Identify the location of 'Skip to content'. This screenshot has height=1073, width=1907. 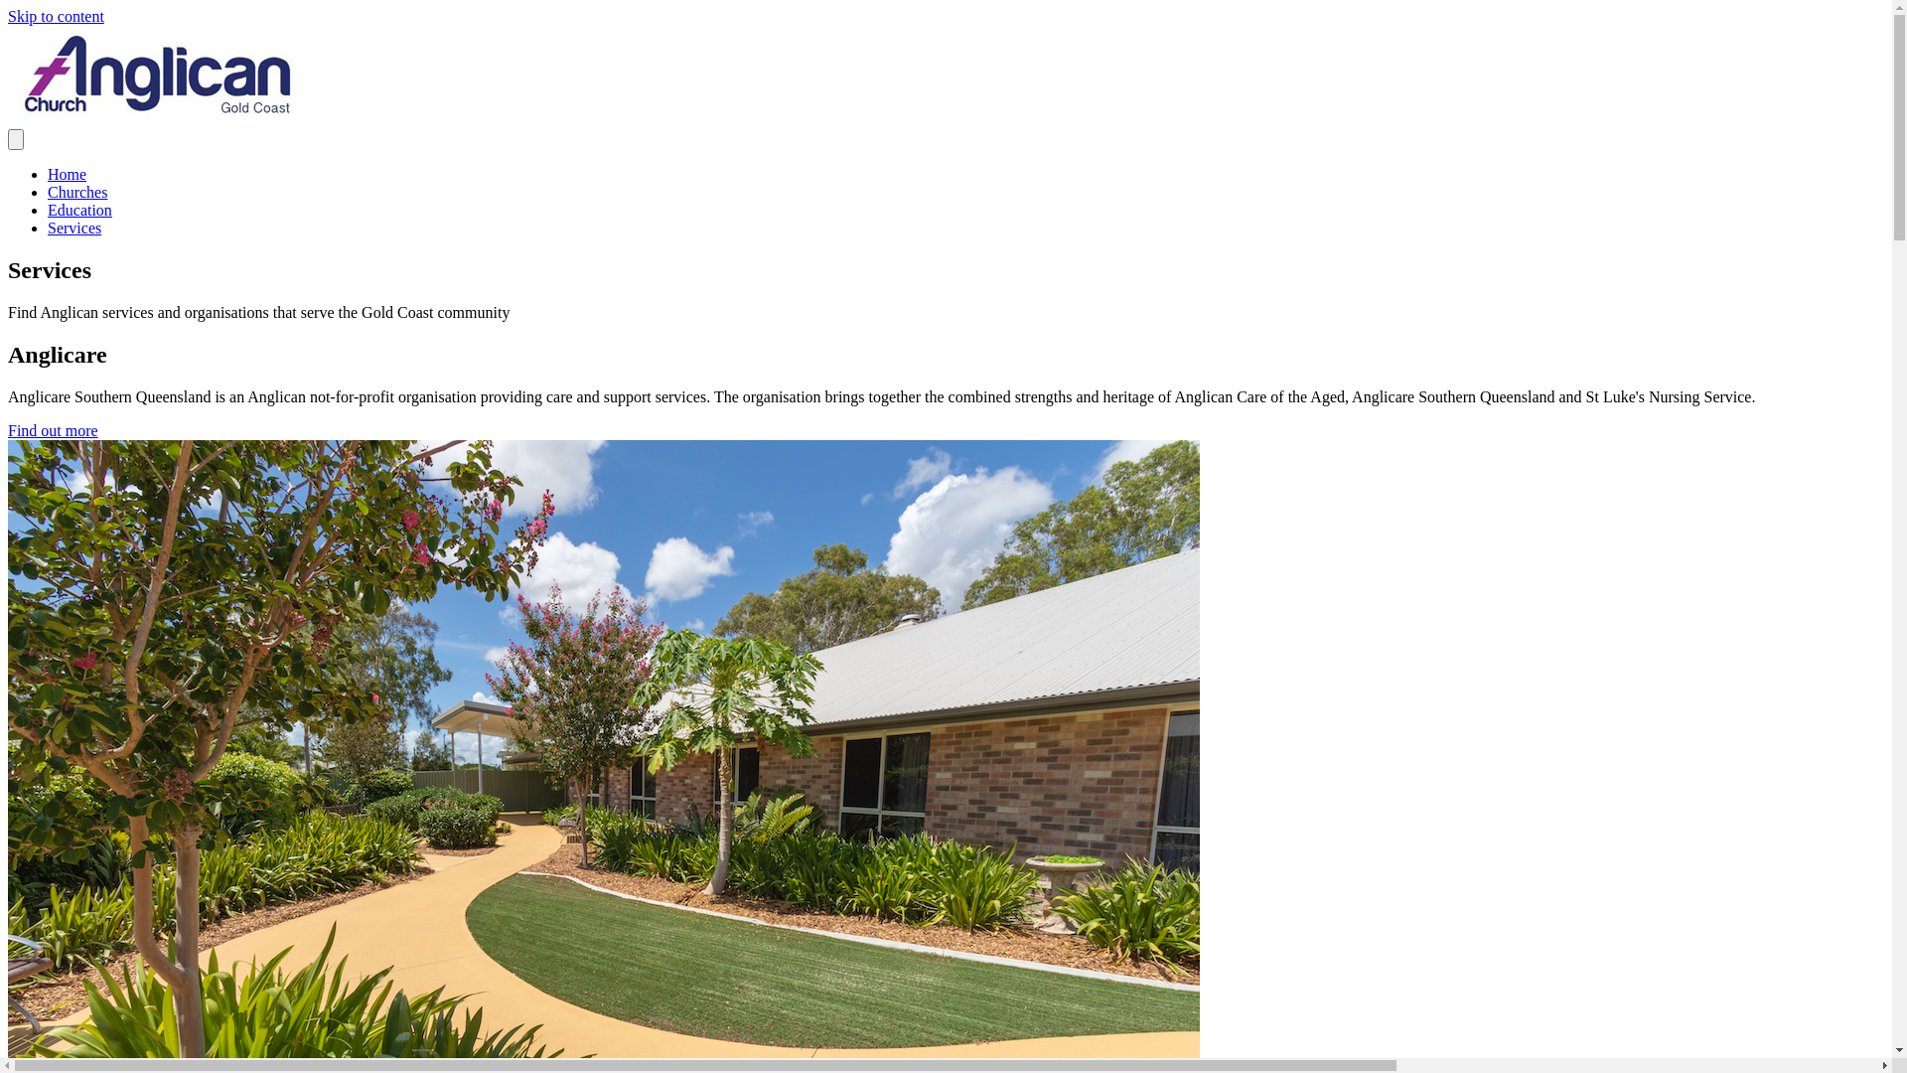
(8, 16).